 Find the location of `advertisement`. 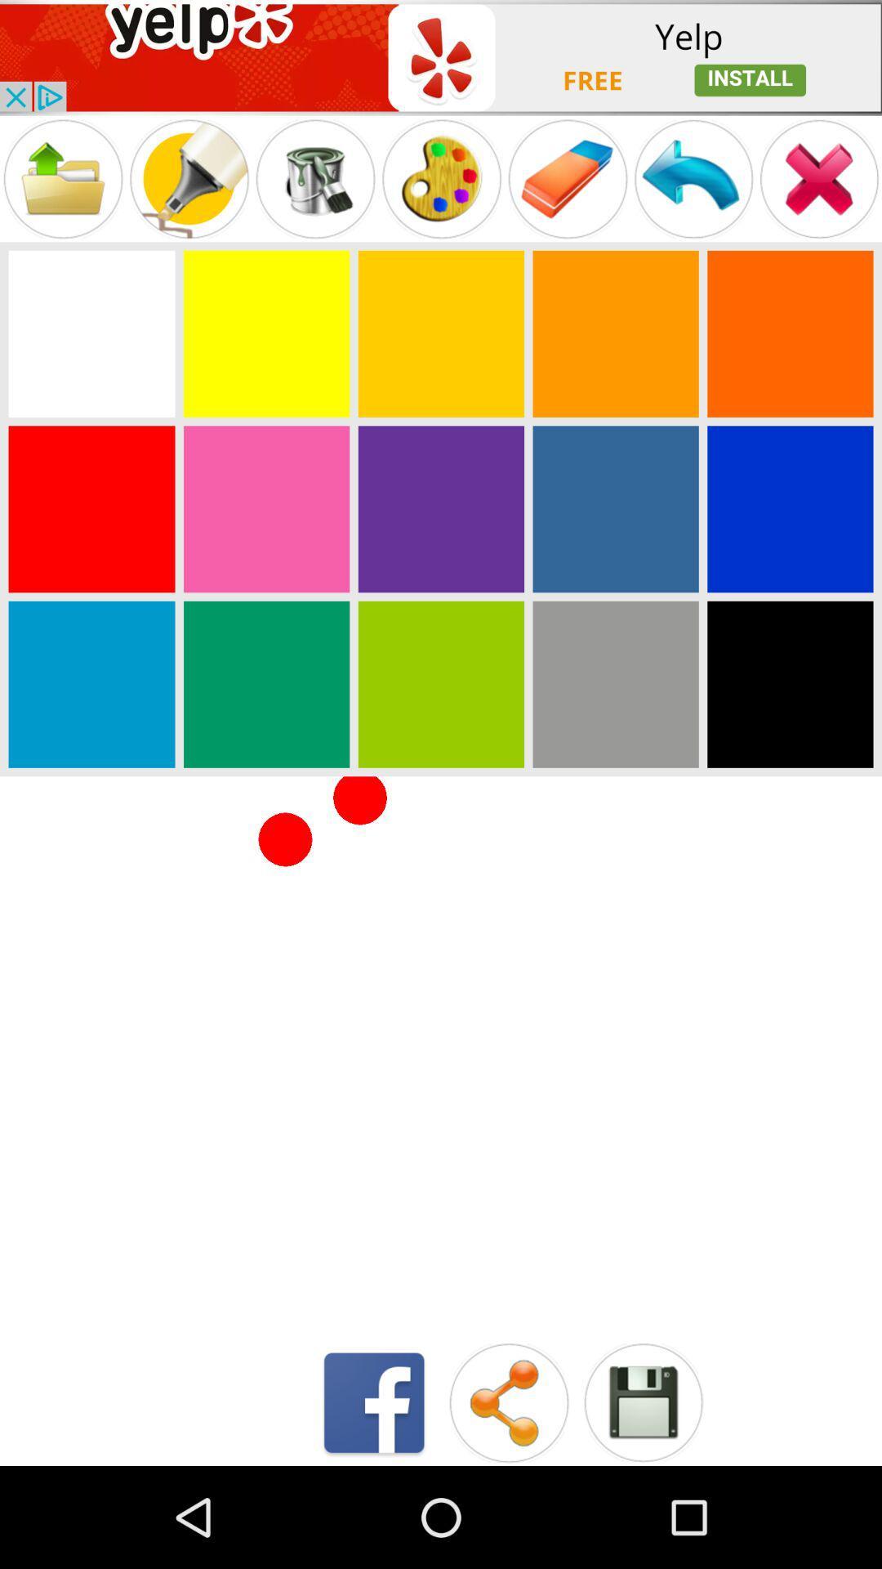

advertisement is located at coordinates (441, 57).